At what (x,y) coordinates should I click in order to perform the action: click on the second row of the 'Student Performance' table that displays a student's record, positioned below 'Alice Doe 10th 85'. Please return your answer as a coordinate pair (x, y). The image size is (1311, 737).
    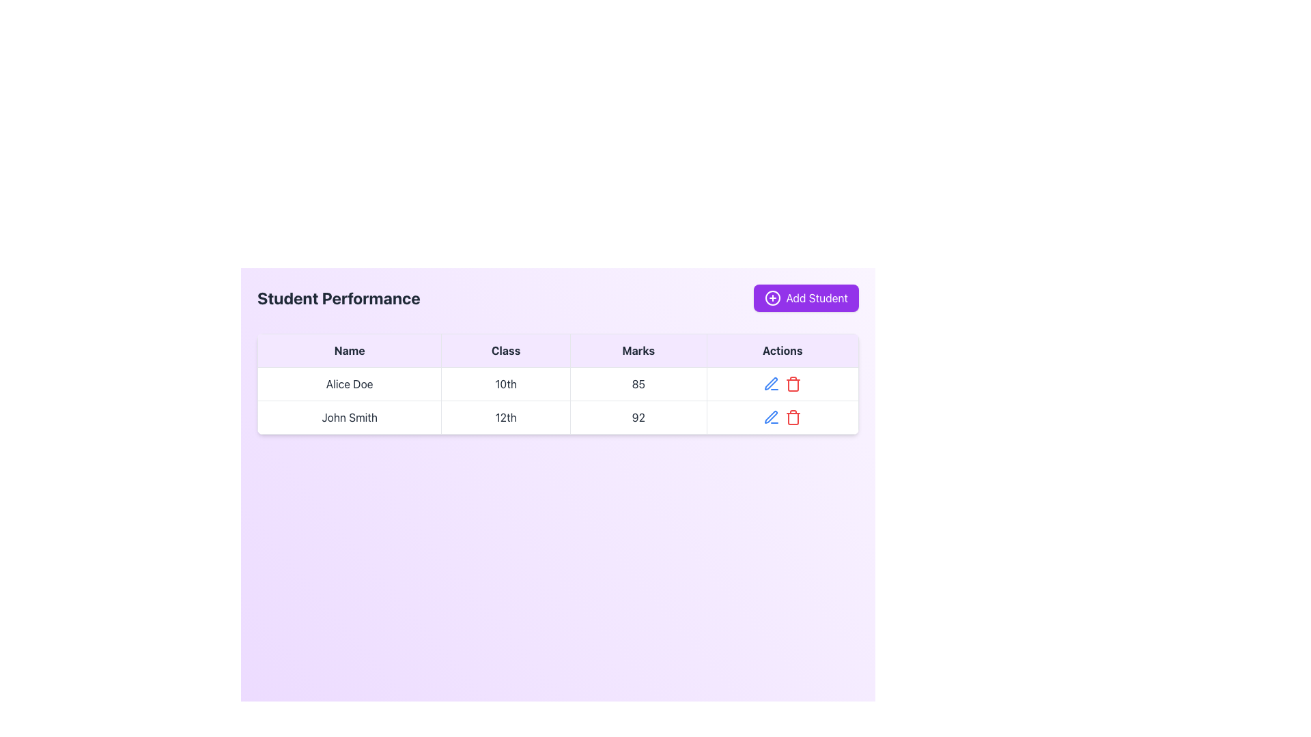
    Looking at the image, I should click on (558, 417).